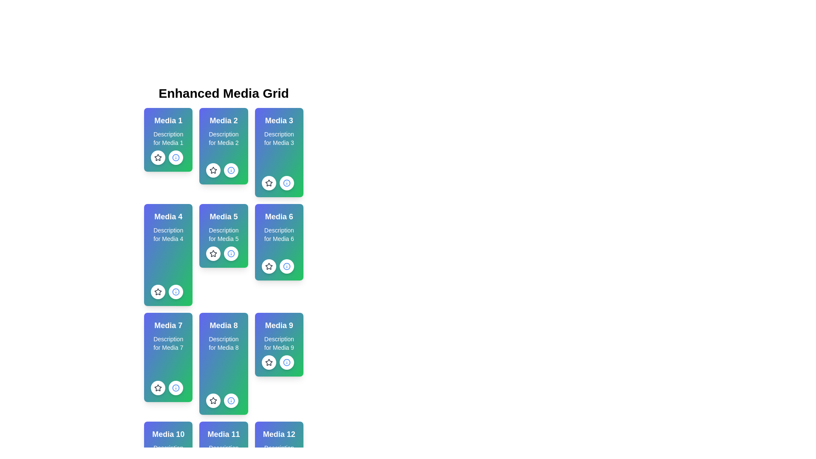  What do you see at coordinates (175, 388) in the screenshot?
I see `the circular button with a white background and an 'info' symbol located at the bottom-right corner of the 'Media 7' card` at bounding box center [175, 388].